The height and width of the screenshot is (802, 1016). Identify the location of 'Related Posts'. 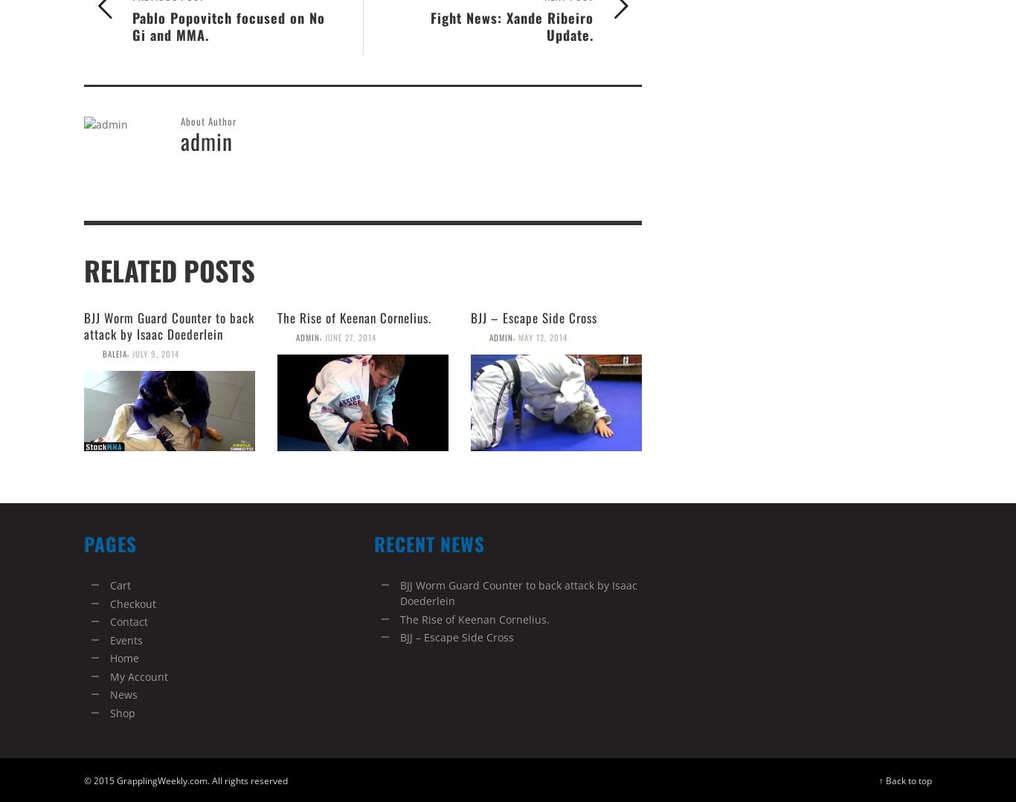
(168, 270).